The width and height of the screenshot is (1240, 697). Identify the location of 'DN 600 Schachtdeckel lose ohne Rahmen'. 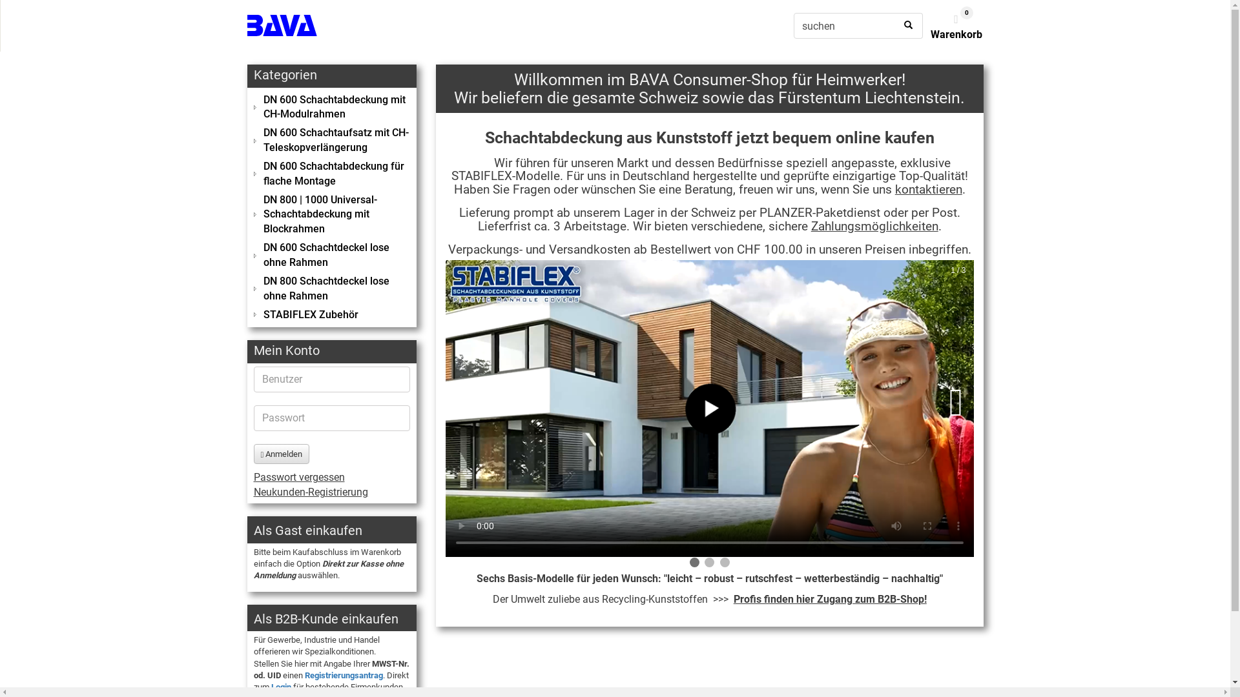
(331, 256).